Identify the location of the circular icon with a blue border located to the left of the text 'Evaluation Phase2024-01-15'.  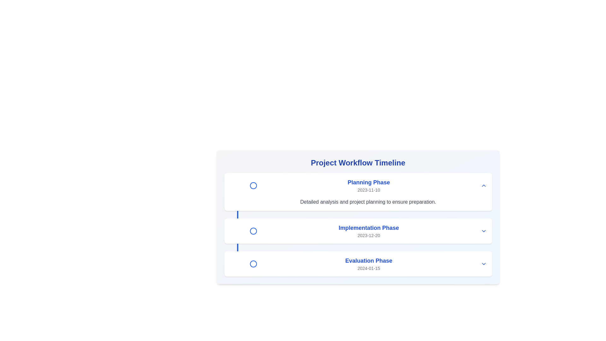
(253, 264).